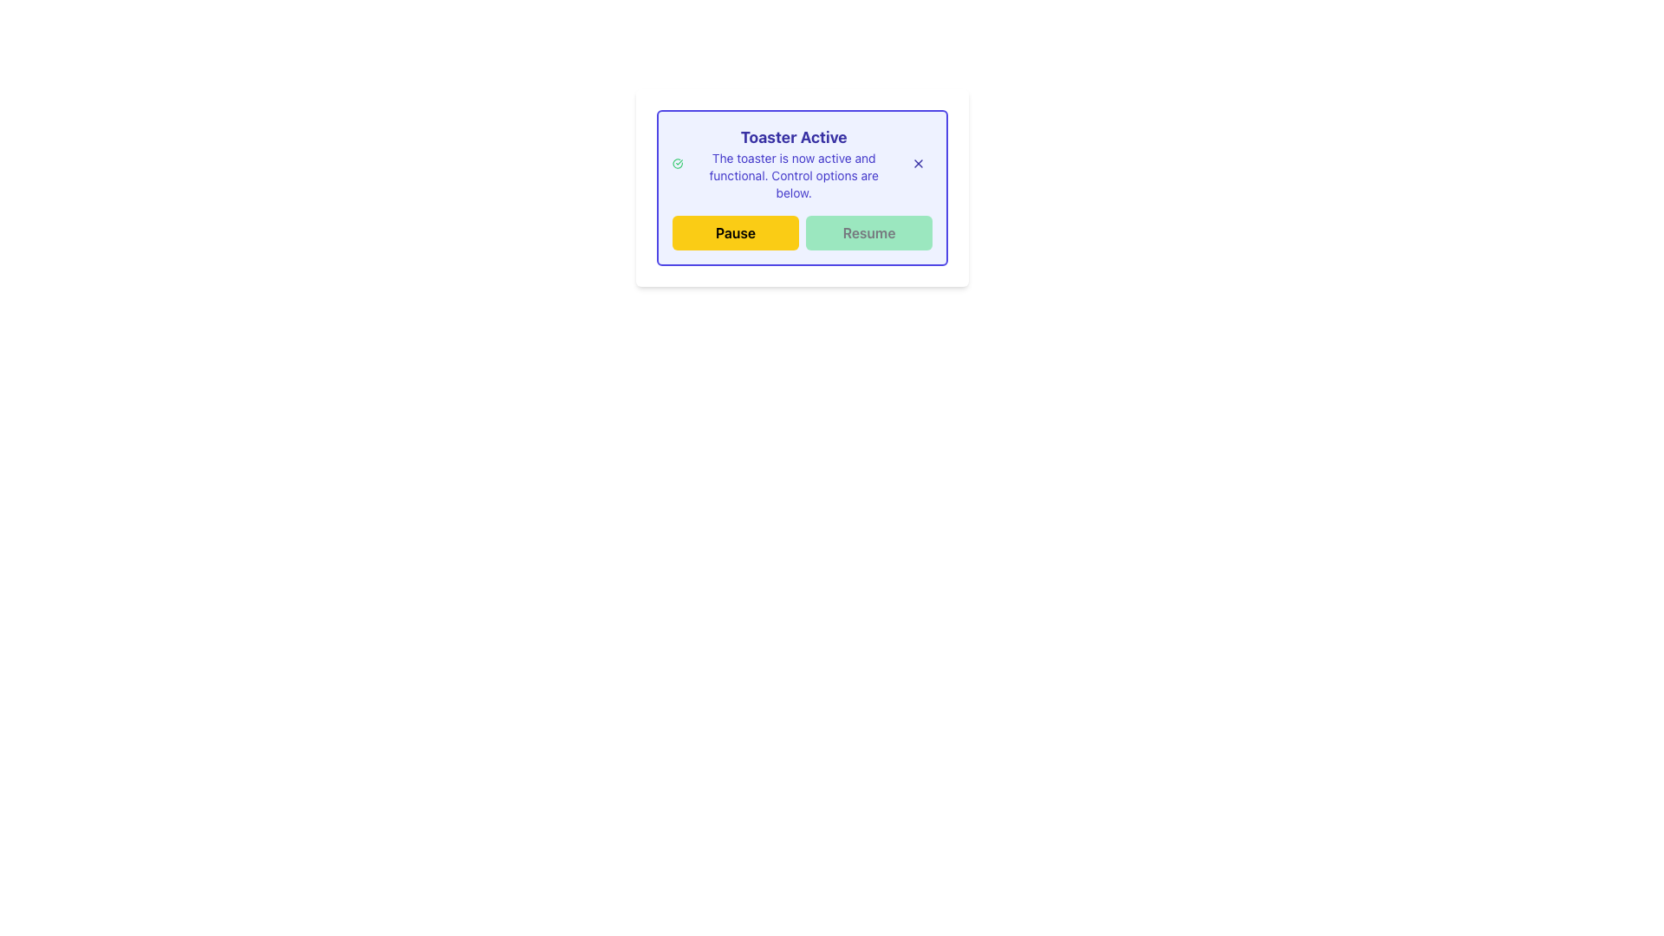 The width and height of the screenshot is (1664, 936). Describe the element at coordinates (736, 232) in the screenshot. I see `the pause button located below the message 'The toaster is now active and functional.'` at that location.